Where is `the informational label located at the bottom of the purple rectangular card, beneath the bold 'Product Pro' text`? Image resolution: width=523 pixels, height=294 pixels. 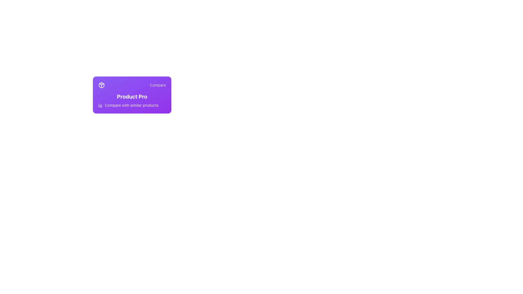 the informational label located at the bottom of the purple rectangular card, beneath the bold 'Product Pro' text is located at coordinates (132, 105).